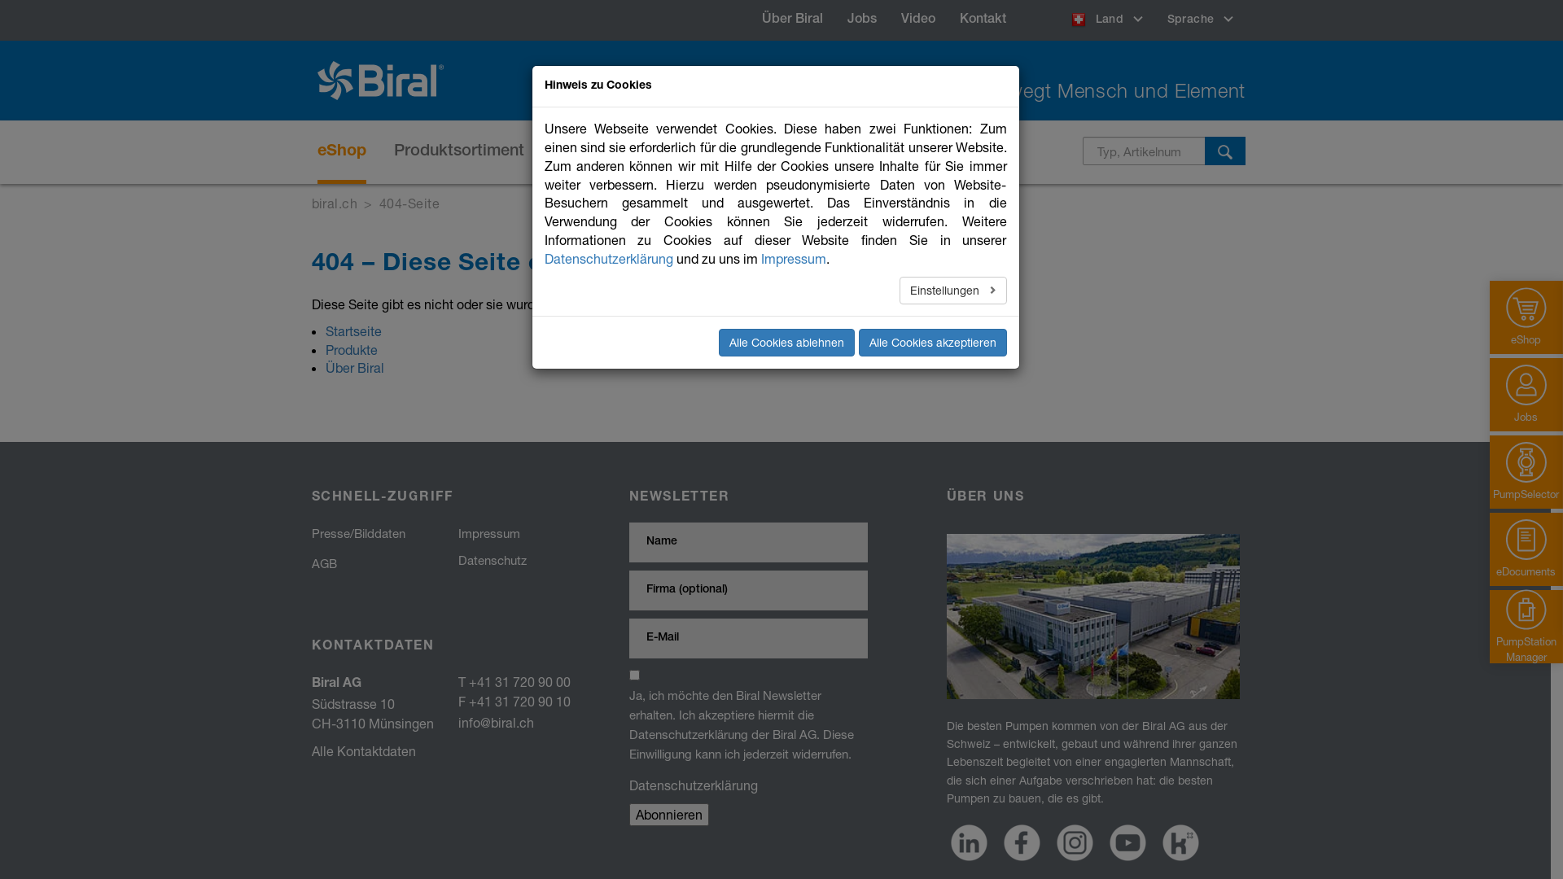 Image resolution: width=1563 pixels, height=879 pixels. Describe the element at coordinates (456, 721) in the screenshot. I see `'info@biral.ch'` at that location.